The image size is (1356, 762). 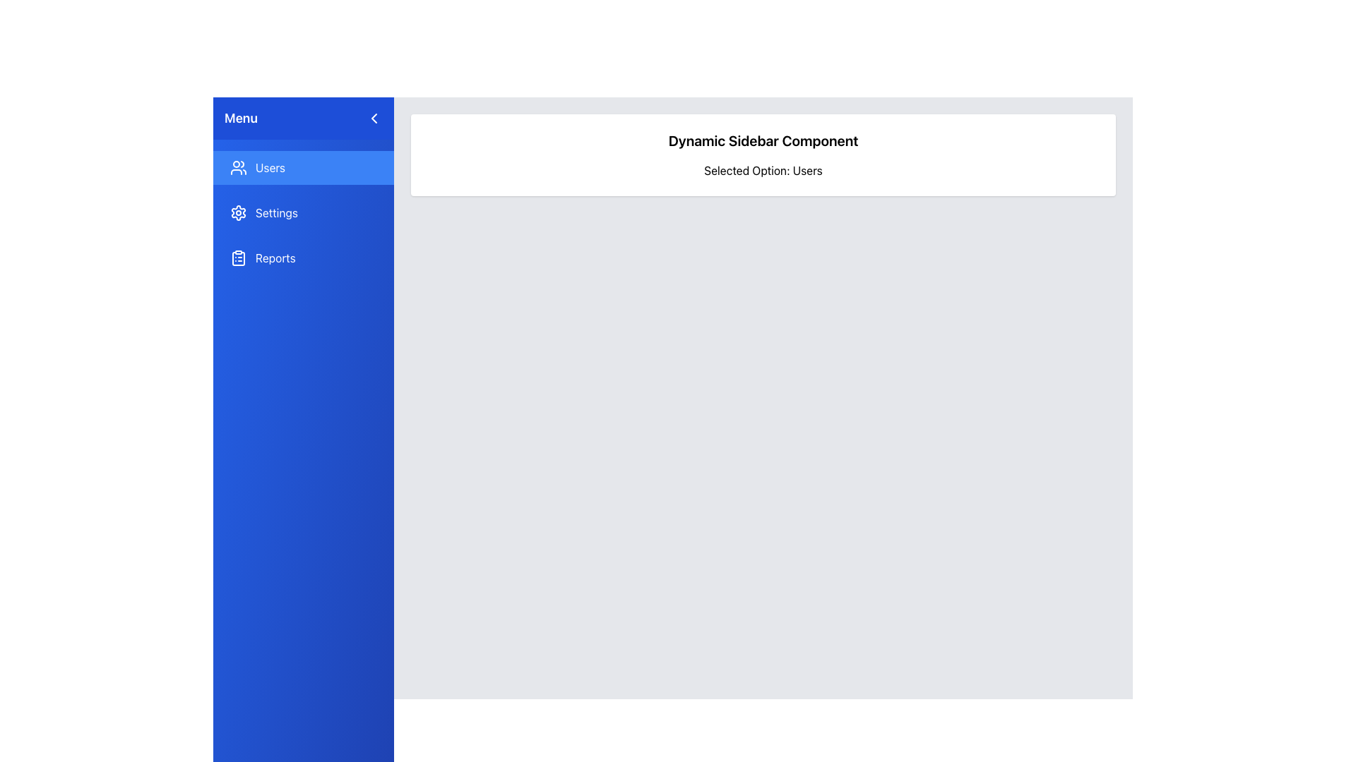 I want to click on the navigation control icon located near the top of the menu section, slightly to the right of the 'Menu' label, to possibly reveal a tooltip, so click(x=374, y=118).